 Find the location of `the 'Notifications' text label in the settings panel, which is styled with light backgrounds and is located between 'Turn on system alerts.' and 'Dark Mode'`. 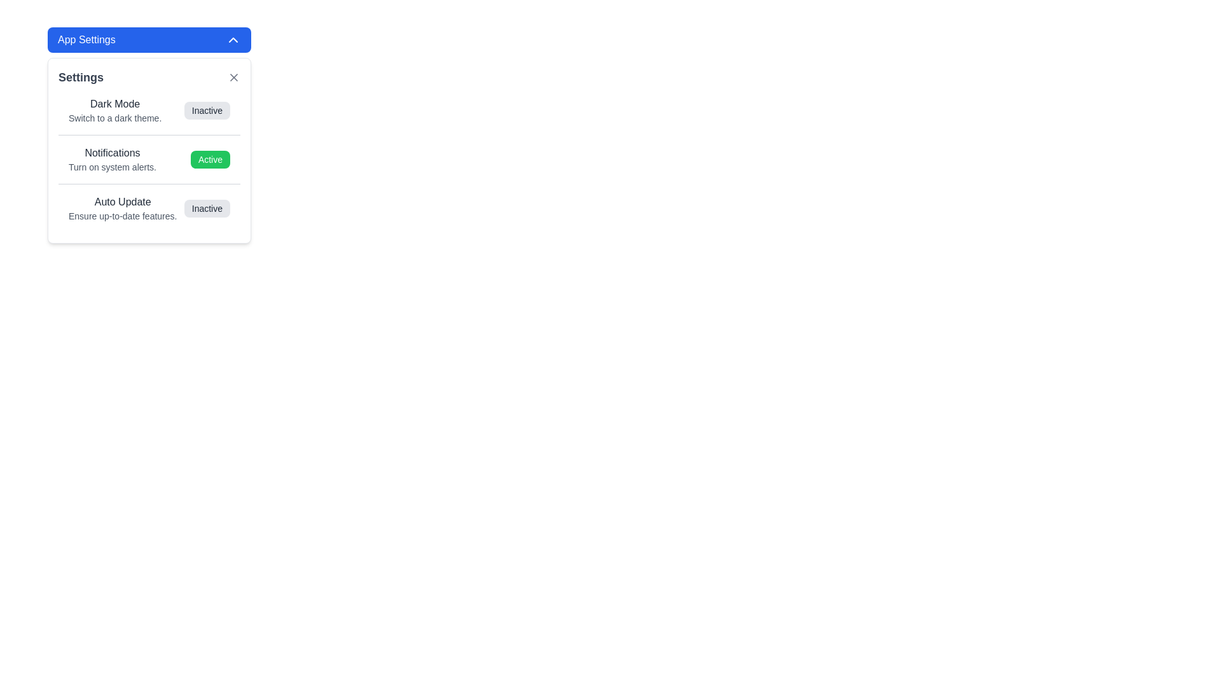

the 'Notifications' text label in the settings panel, which is styled with light backgrounds and is located between 'Turn on system alerts.' and 'Dark Mode' is located at coordinates (113, 152).